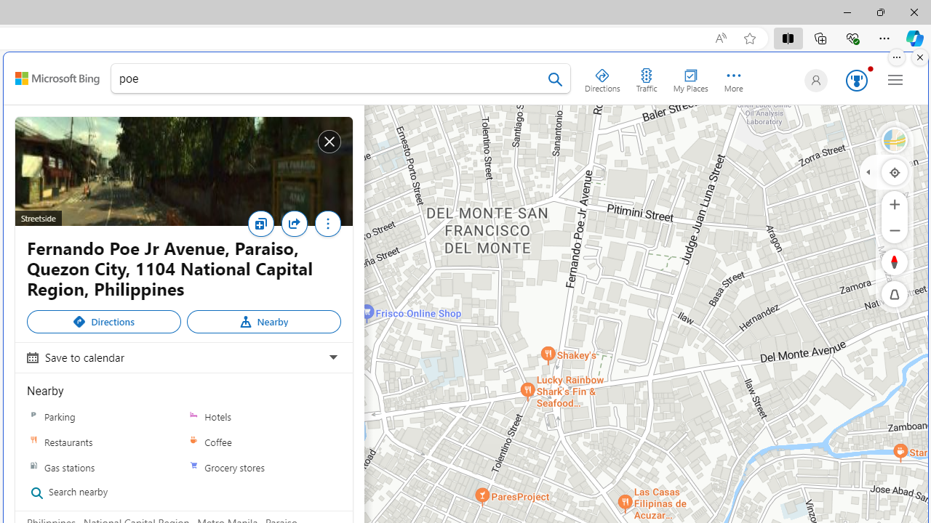 The width and height of the screenshot is (931, 523). Describe the element at coordinates (895, 79) in the screenshot. I see `'Settings and quick links'` at that location.